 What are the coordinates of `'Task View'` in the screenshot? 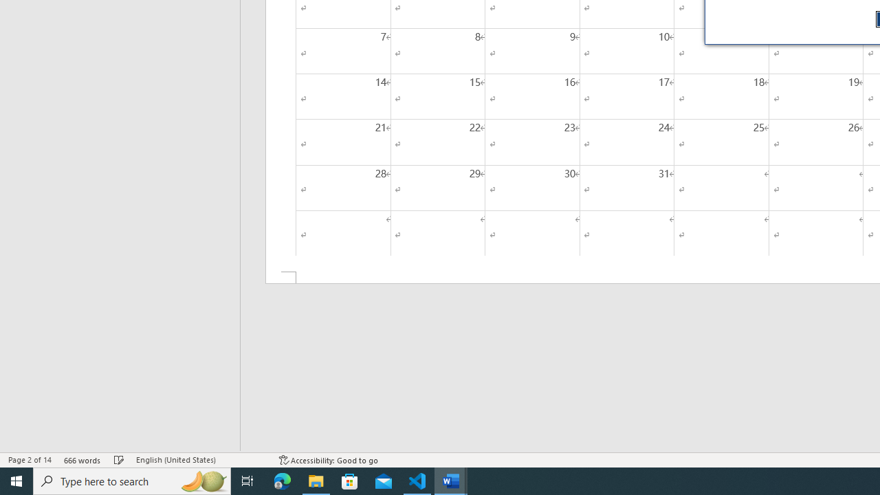 It's located at (247, 480).